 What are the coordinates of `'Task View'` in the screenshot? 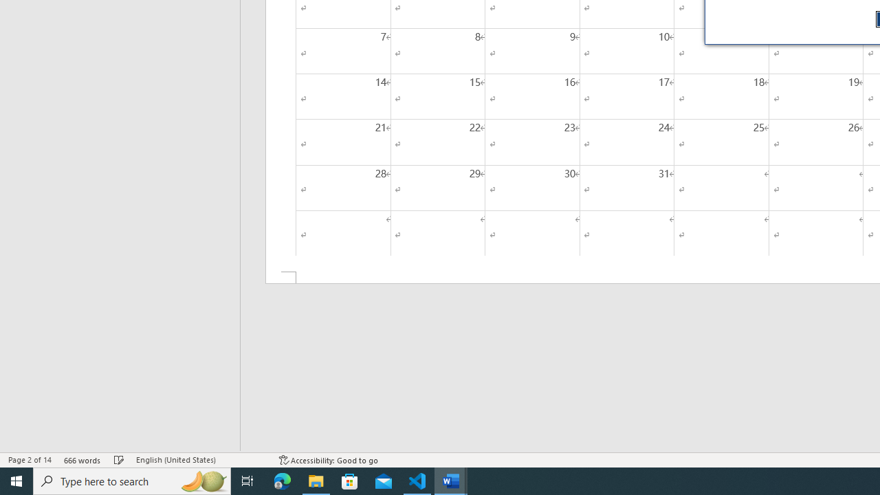 It's located at (247, 480).